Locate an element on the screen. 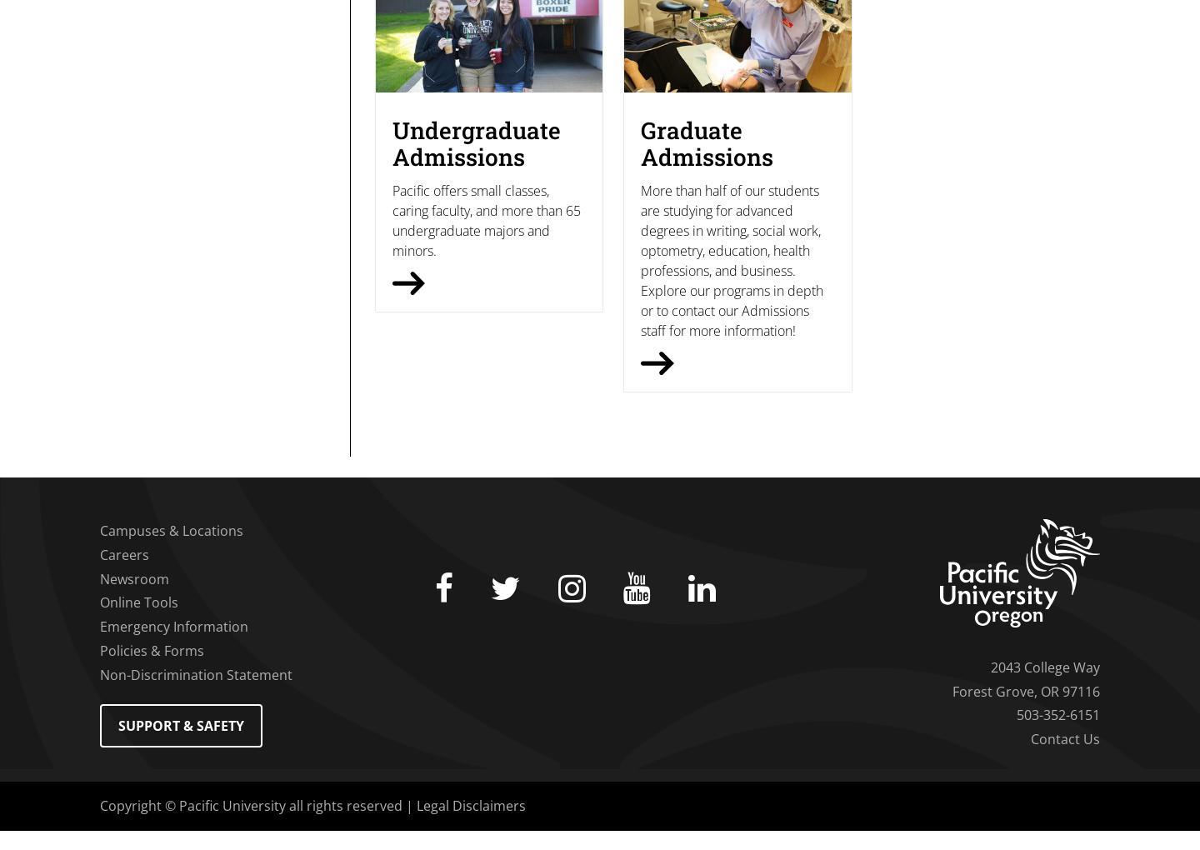  'Undergraduate Admissions' is located at coordinates (392, 142).